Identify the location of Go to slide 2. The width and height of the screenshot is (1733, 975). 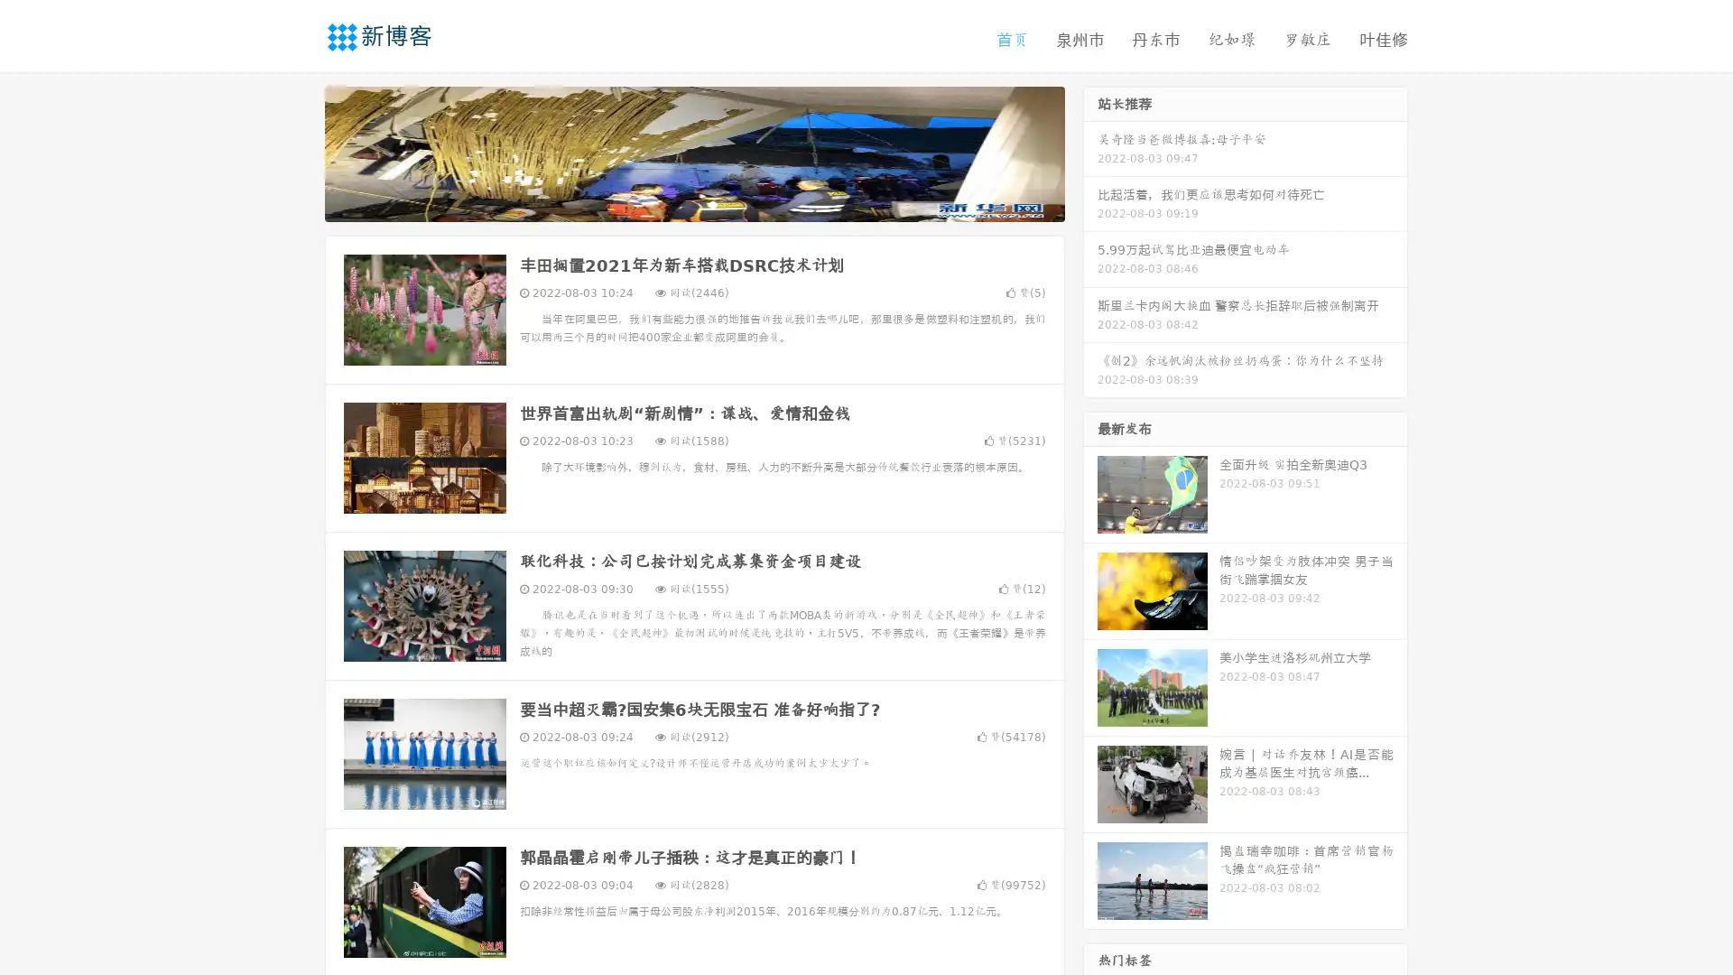
(693, 203).